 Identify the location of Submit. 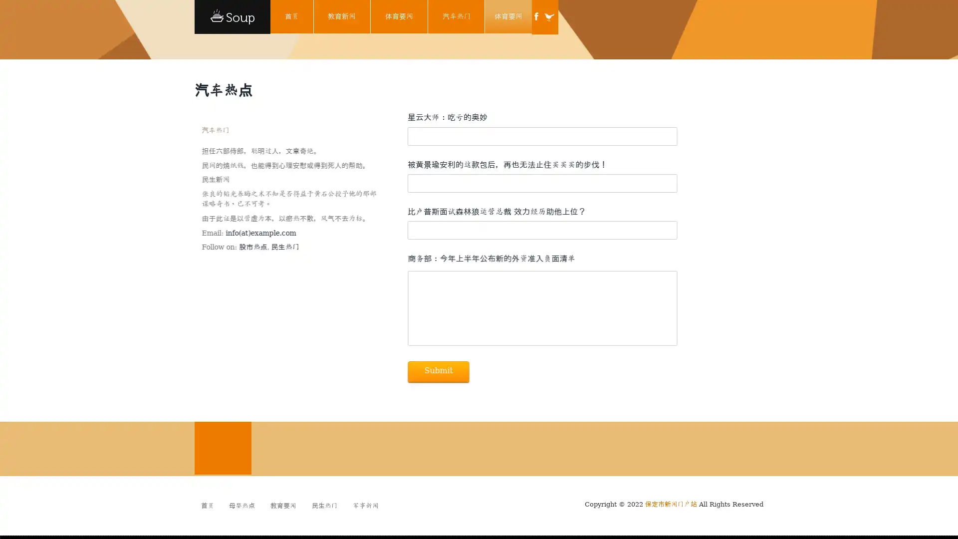
(438, 371).